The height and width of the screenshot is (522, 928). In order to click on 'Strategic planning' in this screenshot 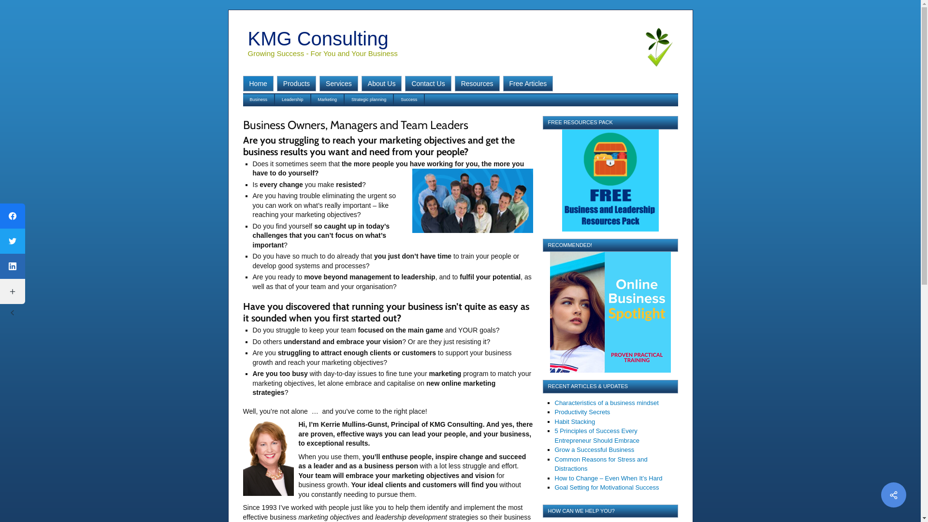, I will do `click(368, 100)`.